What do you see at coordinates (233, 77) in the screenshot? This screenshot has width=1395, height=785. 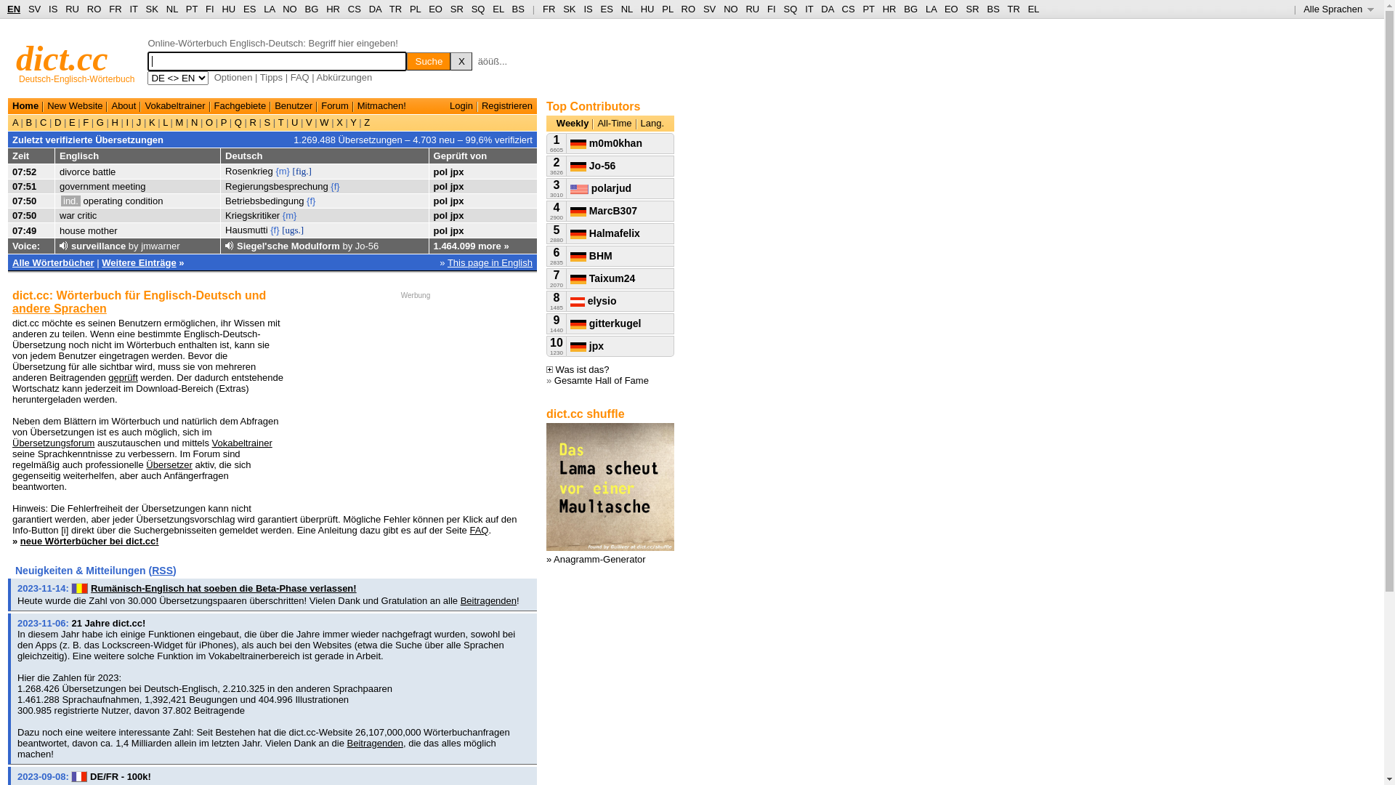 I see `'Optionen'` at bounding box center [233, 77].